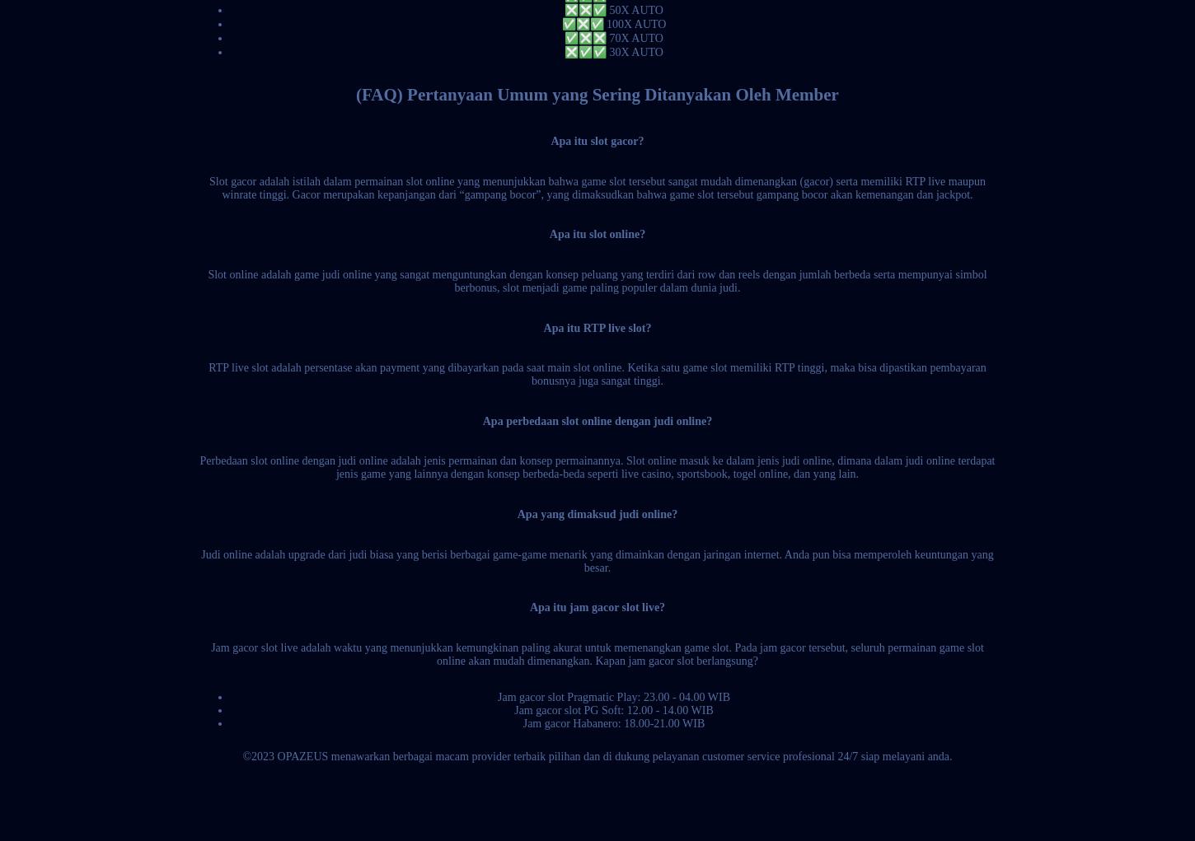 Image resolution: width=1195 pixels, height=841 pixels. I want to click on '❎✅✅ 30X AUTO', so click(613, 51).